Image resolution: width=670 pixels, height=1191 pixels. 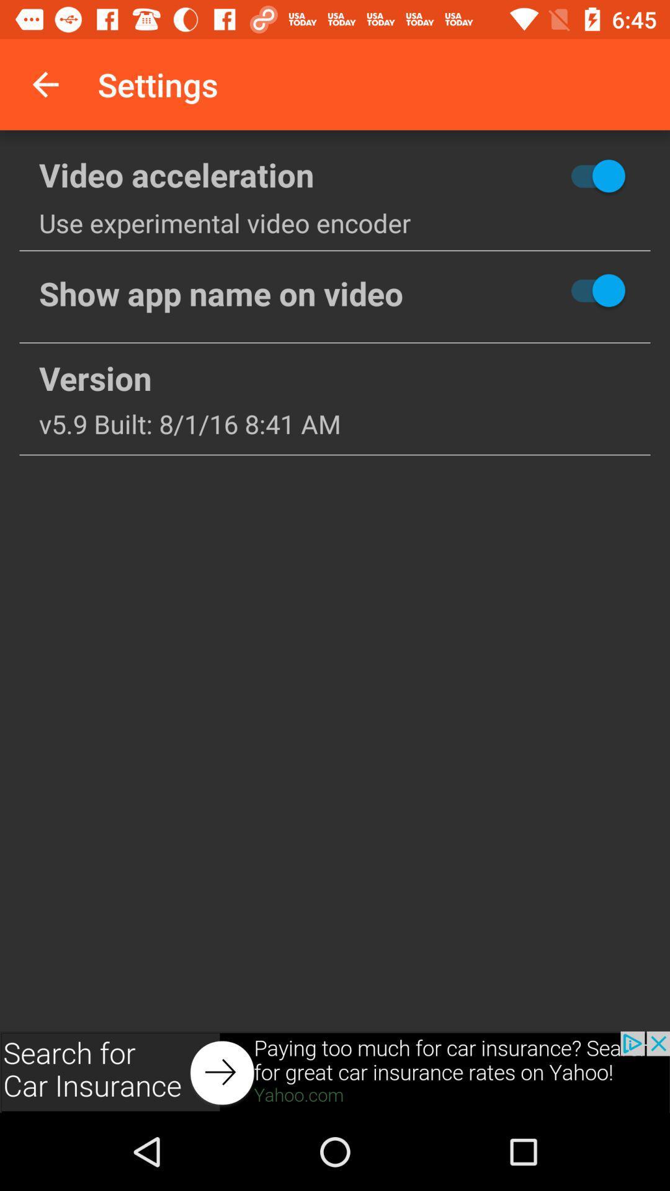 What do you see at coordinates (335, 1071) in the screenshot?
I see `advertisement` at bounding box center [335, 1071].